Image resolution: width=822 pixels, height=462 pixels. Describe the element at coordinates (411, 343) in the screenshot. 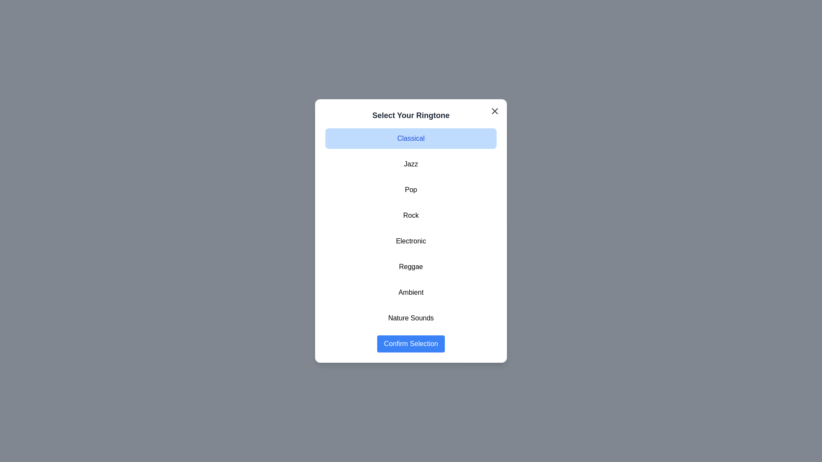

I see `'Confirm Selection' button to confirm the selected ringtone` at that location.